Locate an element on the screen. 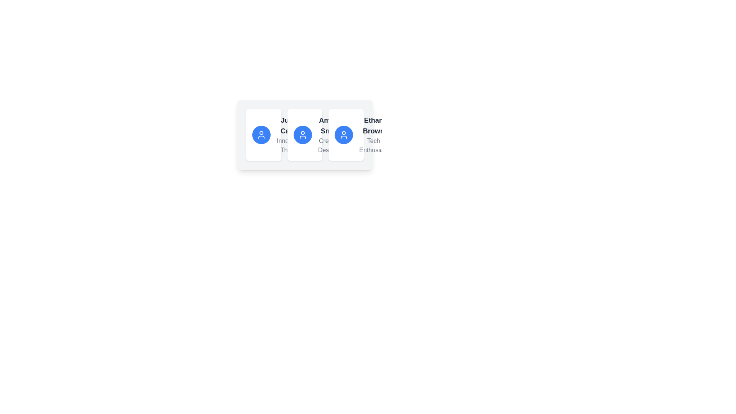 The width and height of the screenshot is (736, 414). the text element displaying 'Amelia Smith' and 'Creative Designer' located in the second card layout, next to the blue circular user icon is located at coordinates (330, 134).